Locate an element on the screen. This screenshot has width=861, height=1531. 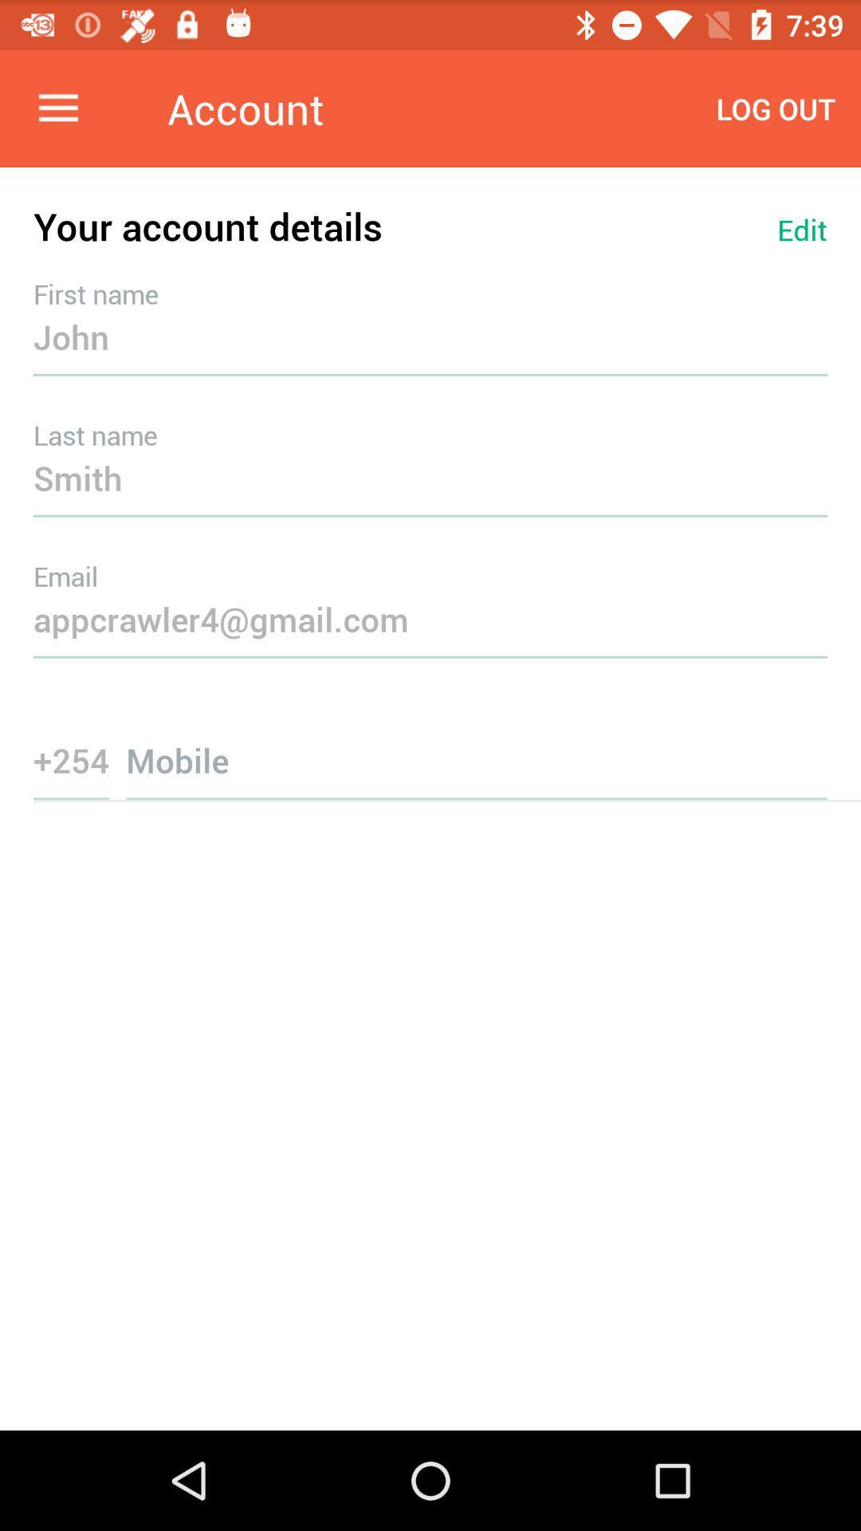
icon next to the account is located at coordinates (775, 108).